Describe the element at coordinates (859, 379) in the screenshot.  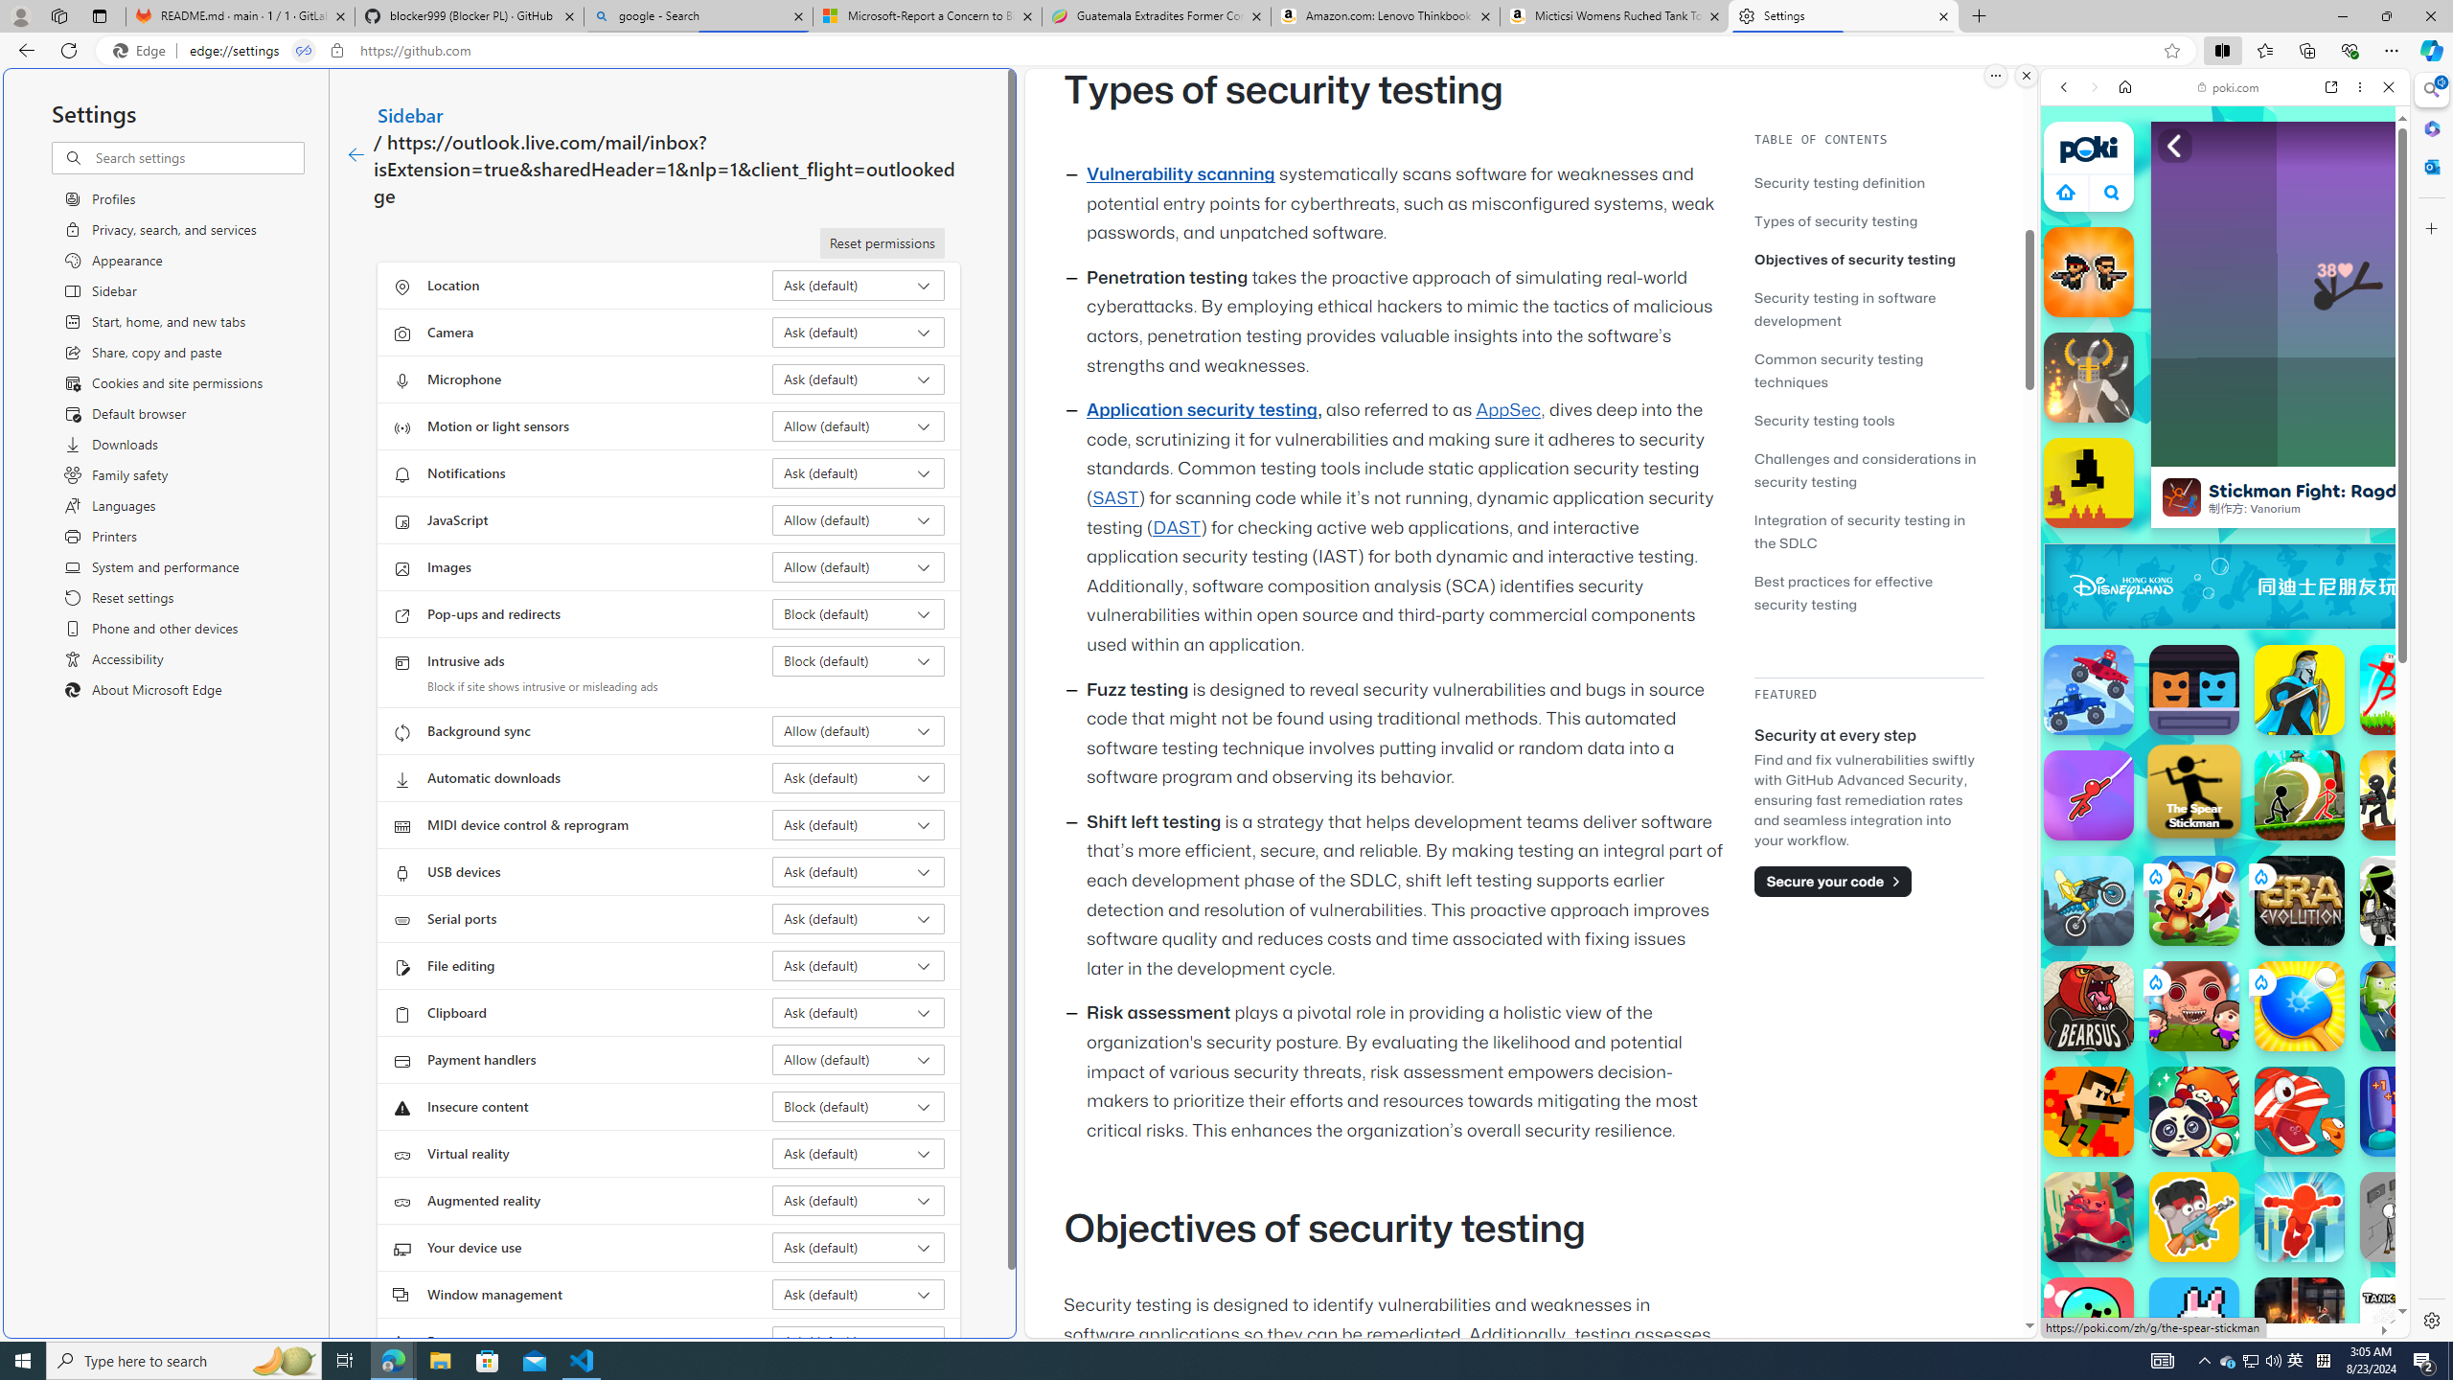
I see `'Microphone Ask (default)'` at that location.